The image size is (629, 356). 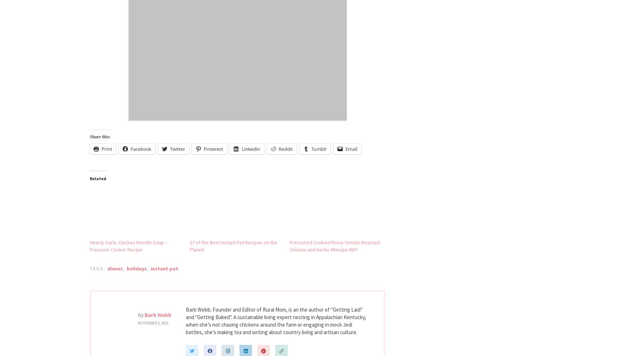 What do you see at coordinates (164, 268) in the screenshot?
I see `'instant pot'` at bounding box center [164, 268].